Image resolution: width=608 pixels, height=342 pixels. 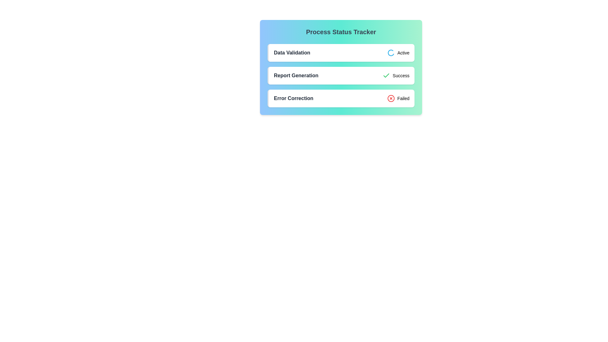 I want to click on the 'Failed' text label, so click(x=403, y=98).